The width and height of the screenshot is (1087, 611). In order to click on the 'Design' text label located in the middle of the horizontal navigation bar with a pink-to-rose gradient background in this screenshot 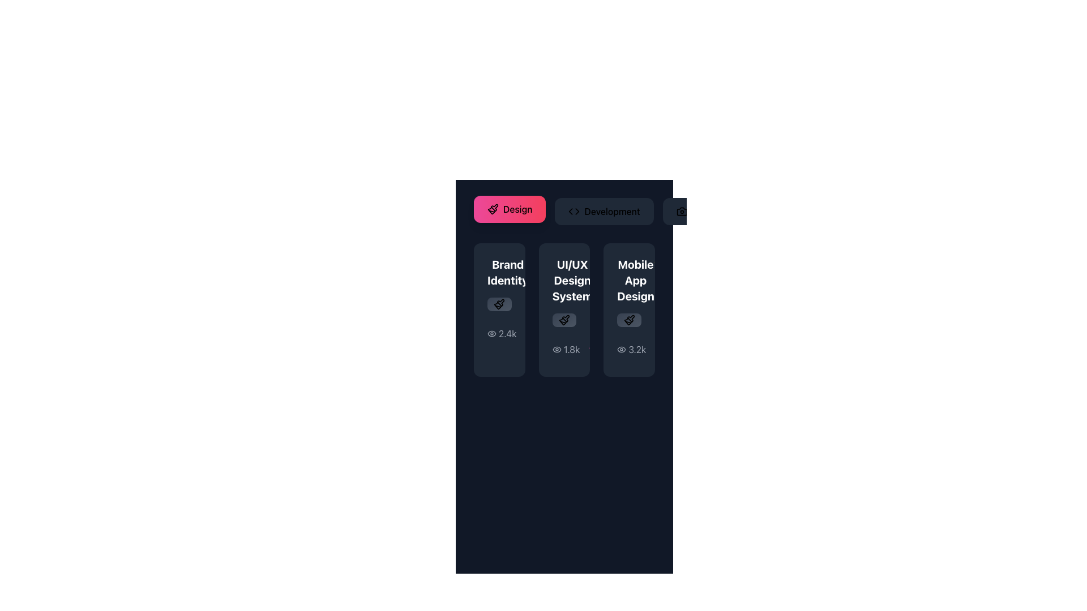, I will do `click(517, 209)`.